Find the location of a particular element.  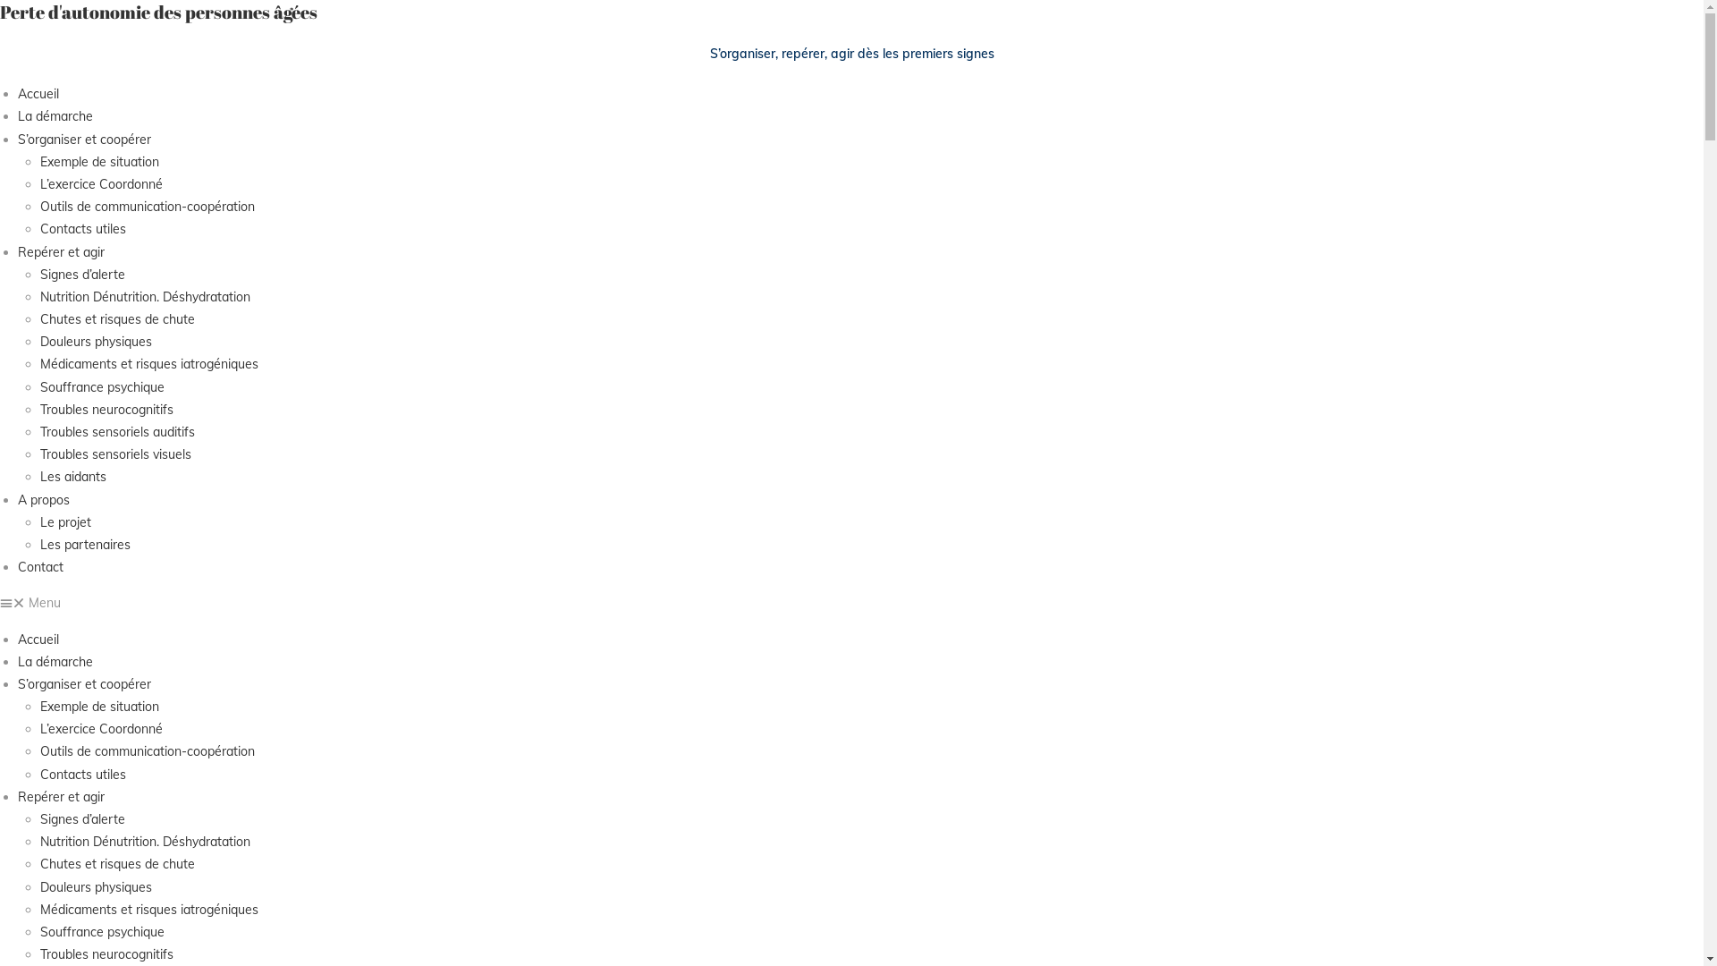

'Les partenaires' is located at coordinates (84, 544).